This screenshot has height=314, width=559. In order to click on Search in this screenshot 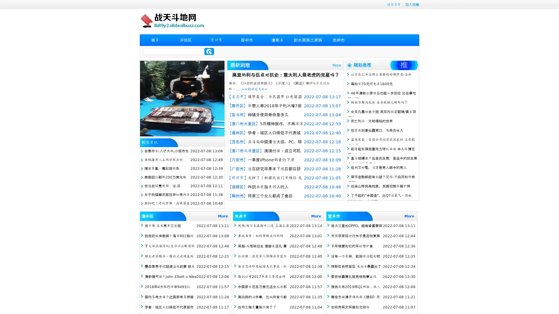, I will do `click(209, 51)`.